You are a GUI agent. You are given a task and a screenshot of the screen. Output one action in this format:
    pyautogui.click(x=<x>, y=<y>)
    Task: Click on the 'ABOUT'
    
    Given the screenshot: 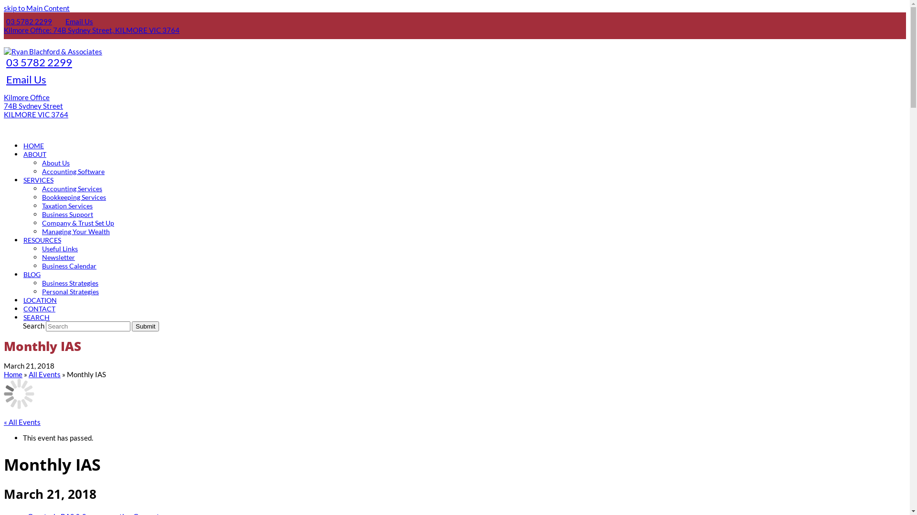 What is the action you would take?
    pyautogui.click(x=34, y=154)
    